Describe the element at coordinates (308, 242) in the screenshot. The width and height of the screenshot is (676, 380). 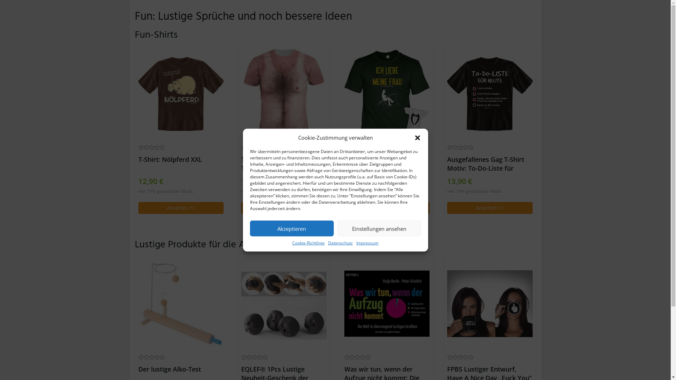
I see `'Cookie-Richtlinie'` at that location.